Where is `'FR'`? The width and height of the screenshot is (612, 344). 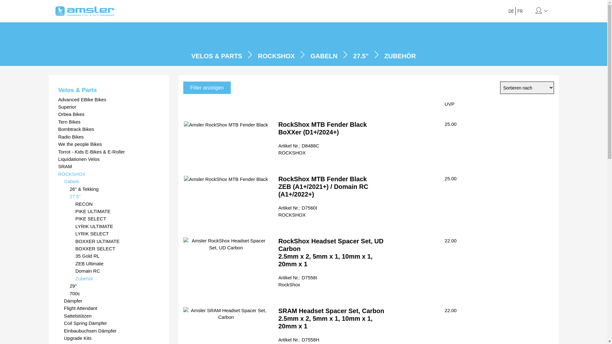
'FR' is located at coordinates (520, 11).